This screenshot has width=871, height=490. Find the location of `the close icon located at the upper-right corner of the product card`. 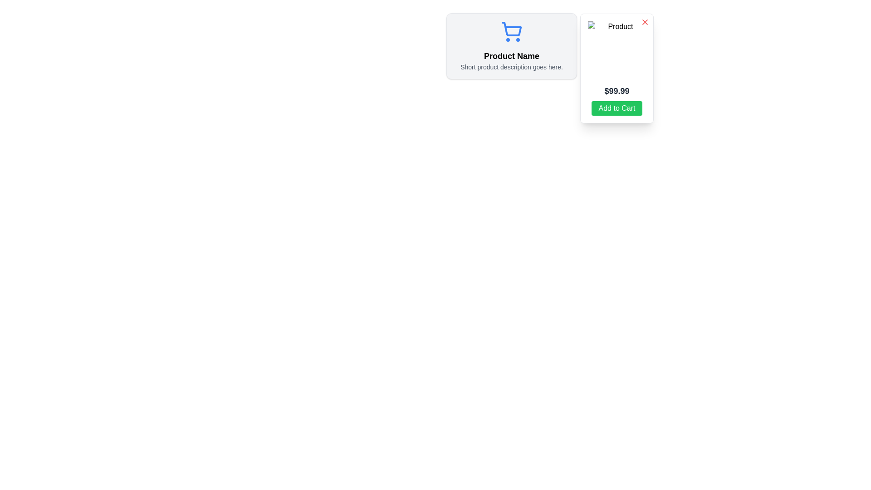

the close icon located at the upper-right corner of the product card is located at coordinates (644, 22).